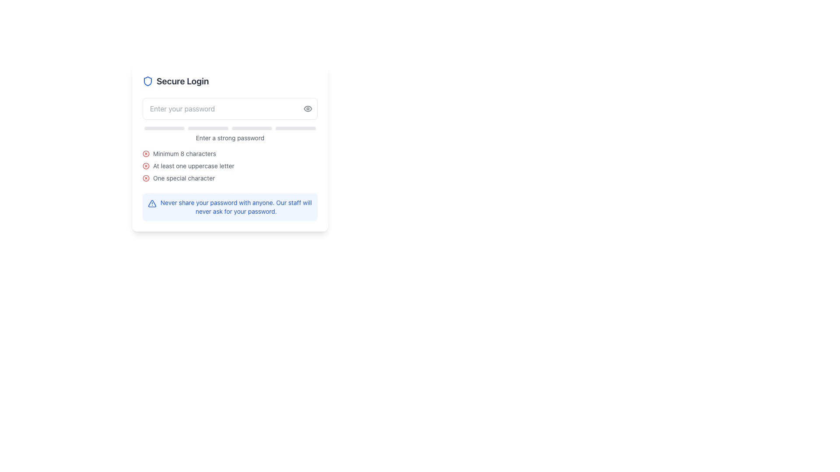  I want to click on text in the informational warning box with a blue background that advises against sharing passwords, located at the bottom of the 'Secure Login' card, so click(230, 207).